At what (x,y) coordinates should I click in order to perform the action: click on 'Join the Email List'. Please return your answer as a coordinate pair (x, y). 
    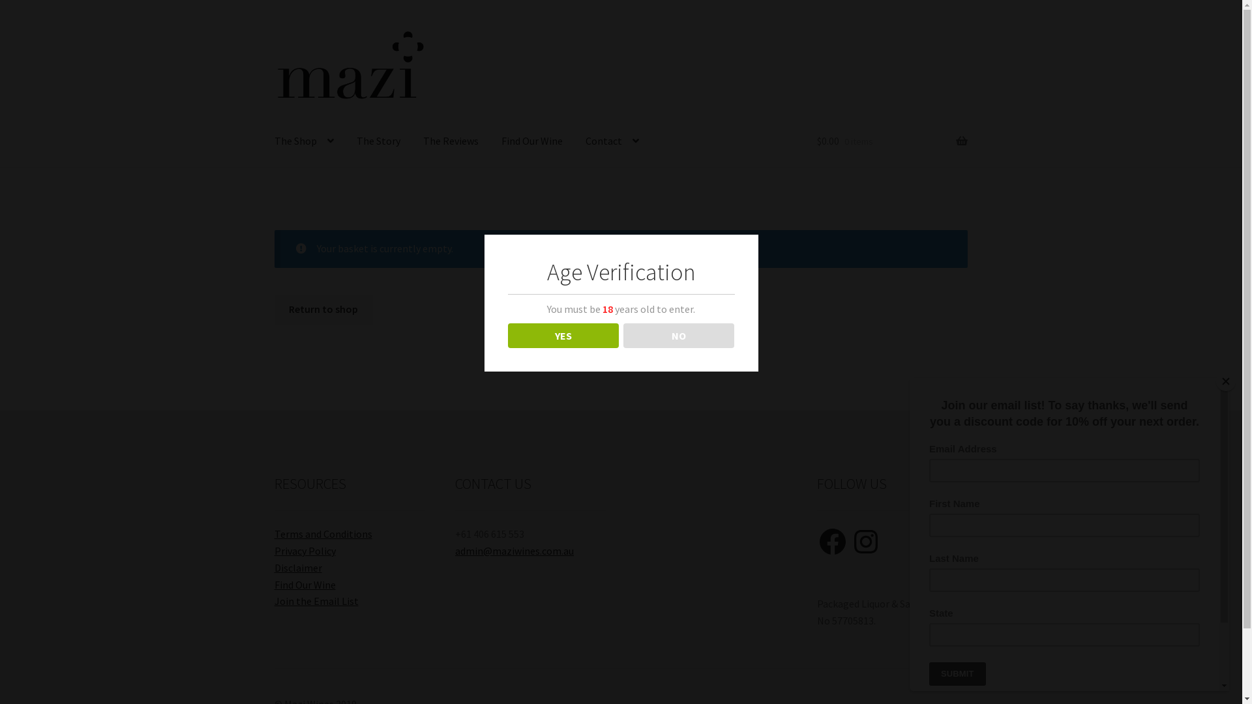
    Looking at the image, I should click on (316, 600).